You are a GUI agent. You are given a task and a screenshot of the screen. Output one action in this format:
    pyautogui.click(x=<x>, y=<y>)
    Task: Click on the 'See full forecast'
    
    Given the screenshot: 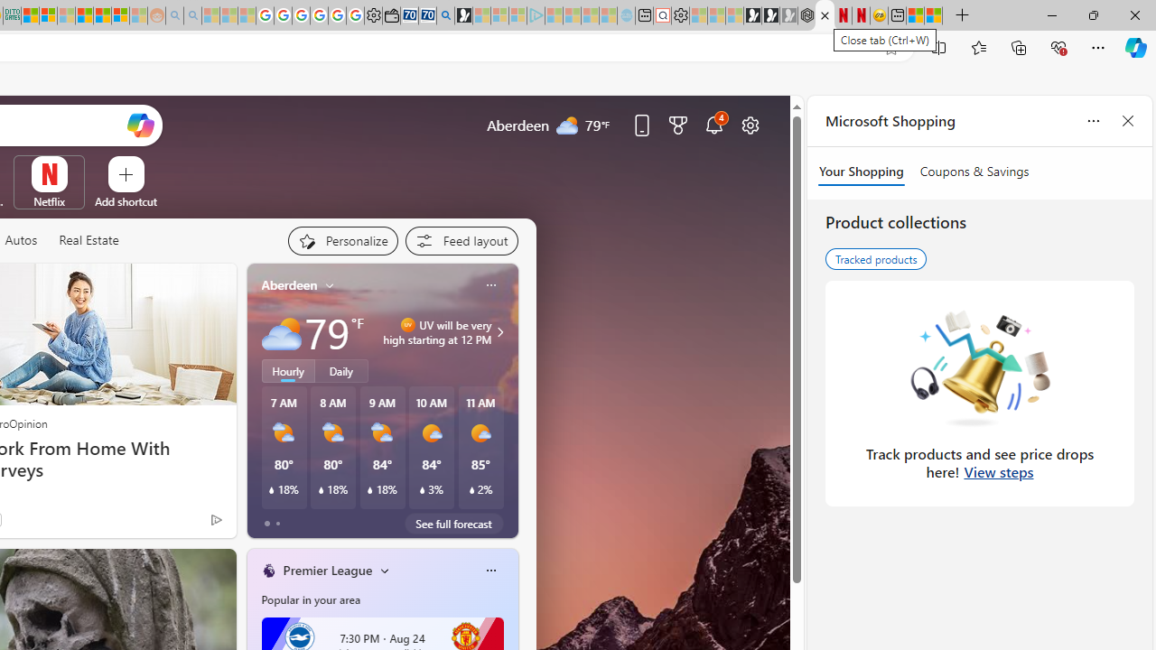 What is the action you would take?
    pyautogui.click(x=453, y=523)
    